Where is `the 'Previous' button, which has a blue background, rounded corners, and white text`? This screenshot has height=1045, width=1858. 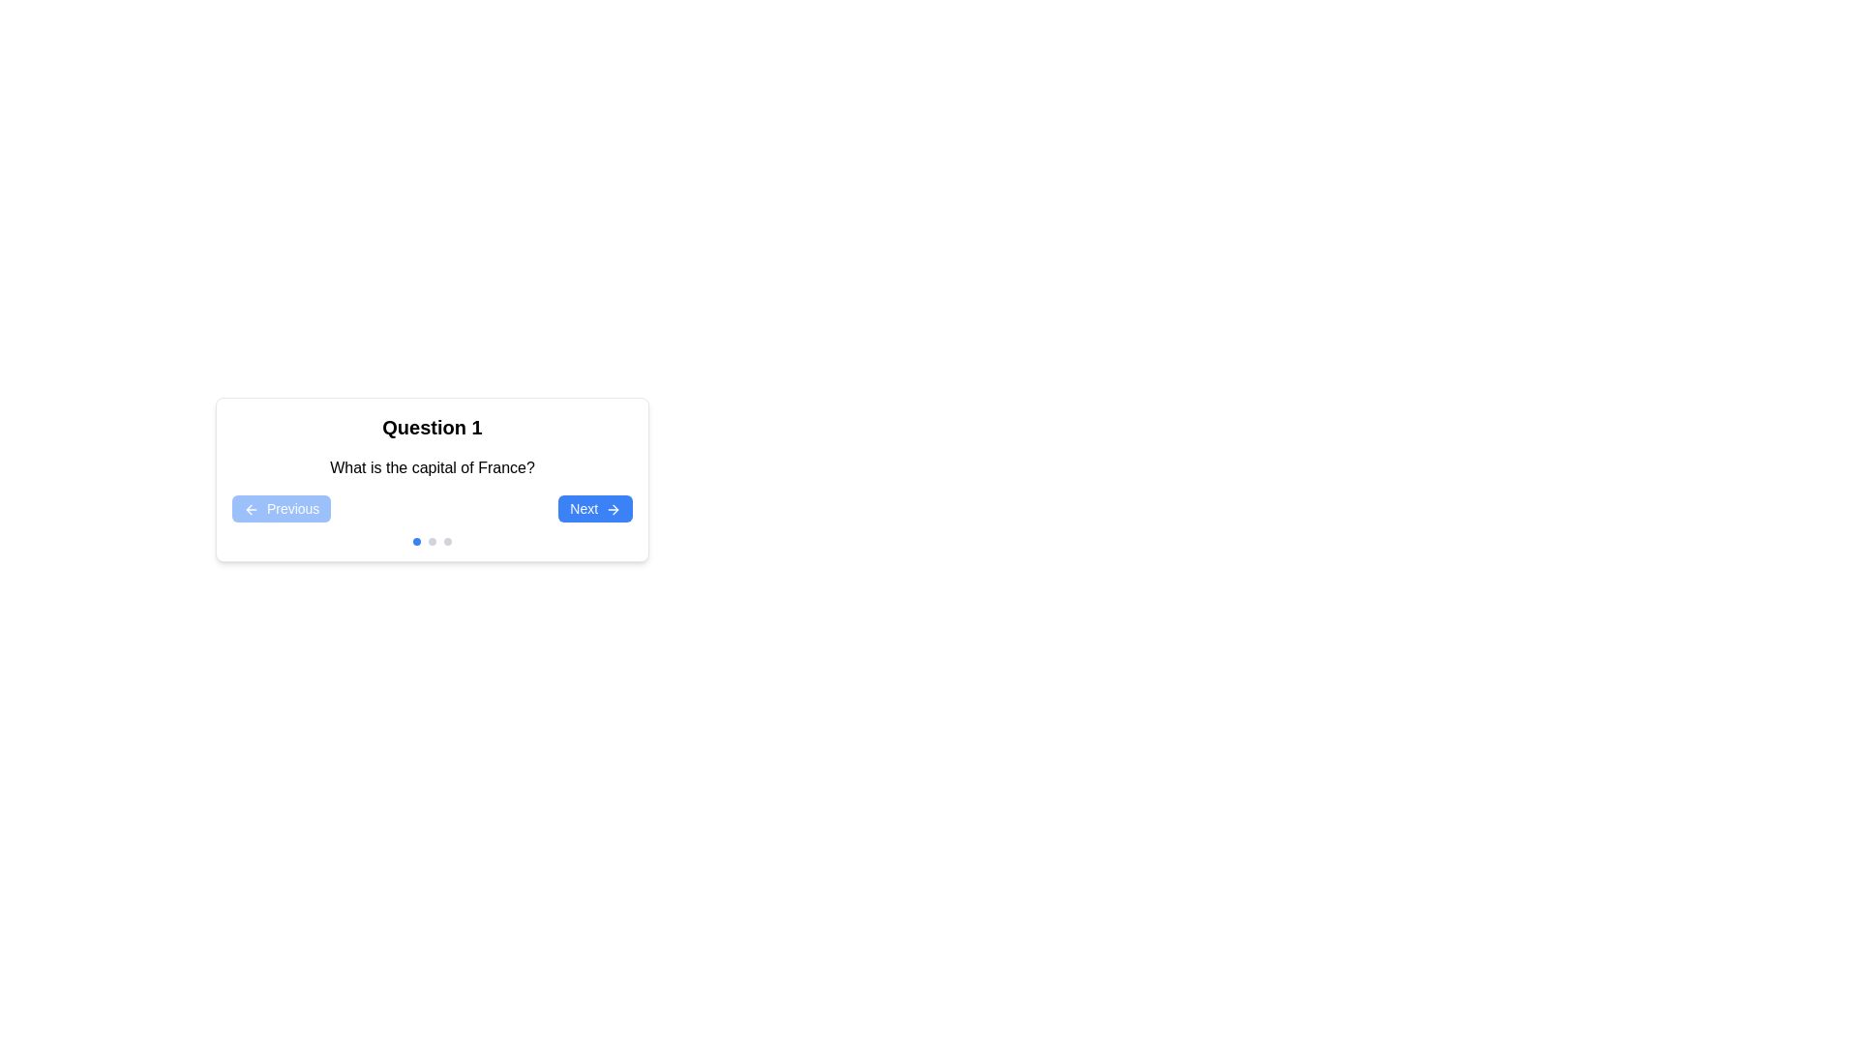 the 'Previous' button, which has a blue background, rounded corners, and white text is located at coordinates (281, 507).